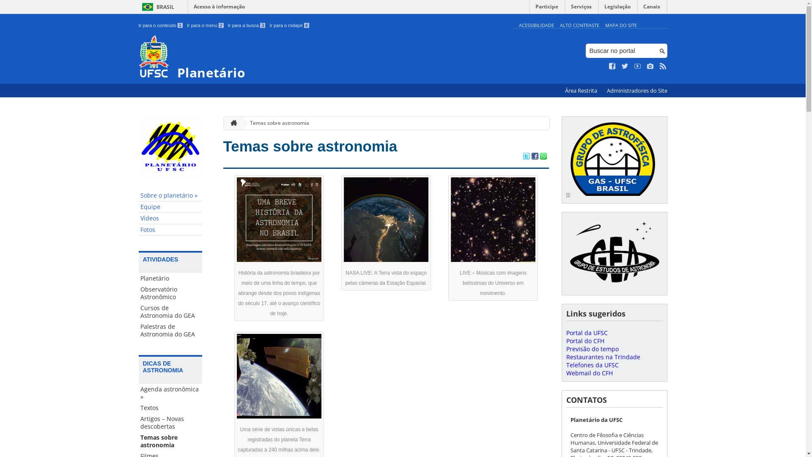 The height and width of the screenshot is (457, 812). I want to click on 'BRASIL', so click(156, 7).